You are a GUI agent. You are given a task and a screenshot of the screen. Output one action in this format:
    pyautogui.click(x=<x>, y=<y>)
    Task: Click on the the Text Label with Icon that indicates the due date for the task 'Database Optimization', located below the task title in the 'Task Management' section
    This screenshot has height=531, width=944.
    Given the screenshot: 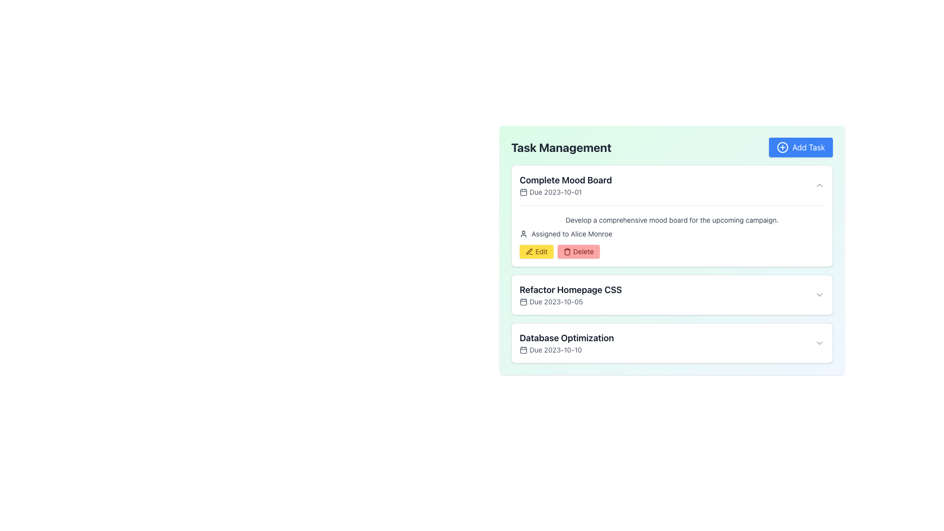 What is the action you would take?
    pyautogui.click(x=566, y=350)
    